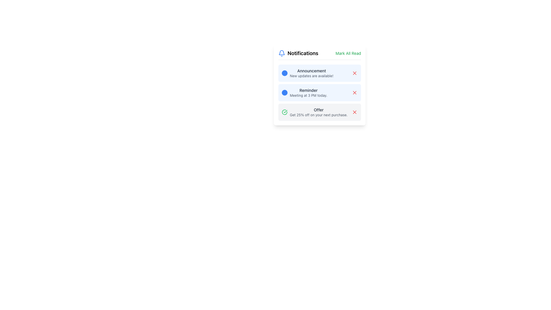 The height and width of the screenshot is (310, 551). What do you see at coordinates (311, 76) in the screenshot?
I see `informational text label that states 'New updates are available!' located below the 'Announcement' title in the first notification item` at bounding box center [311, 76].